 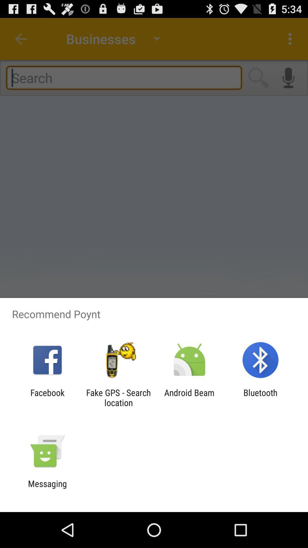 What do you see at coordinates (260, 397) in the screenshot?
I see `the item to the right of android beam item` at bounding box center [260, 397].